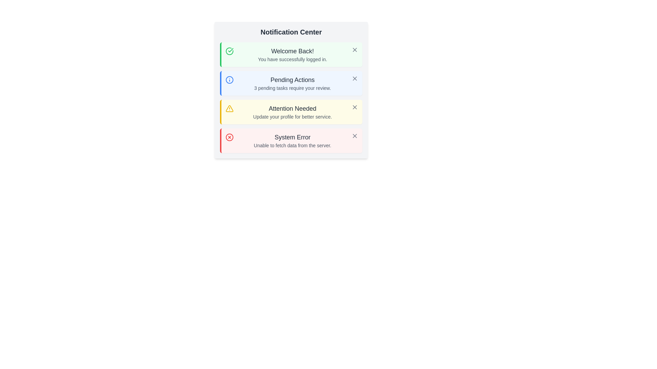 This screenshot has height=369, width=657. I want to click on text located at the bottom of the third notification card under the 'Attention Needed' header, so click(292, 117).